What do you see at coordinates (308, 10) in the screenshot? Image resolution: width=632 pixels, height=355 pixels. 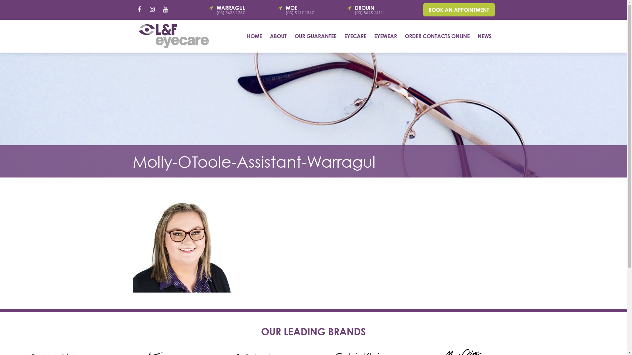 I see `'MOE` at bounding box center [308, 10].